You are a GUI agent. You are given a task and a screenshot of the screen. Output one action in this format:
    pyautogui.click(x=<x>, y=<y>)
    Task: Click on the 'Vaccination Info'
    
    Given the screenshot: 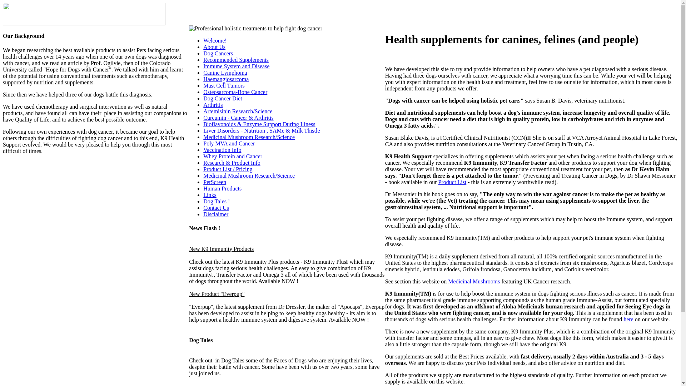 What is the action you would take?
    pyautogui.click(x=222, y=149)
    